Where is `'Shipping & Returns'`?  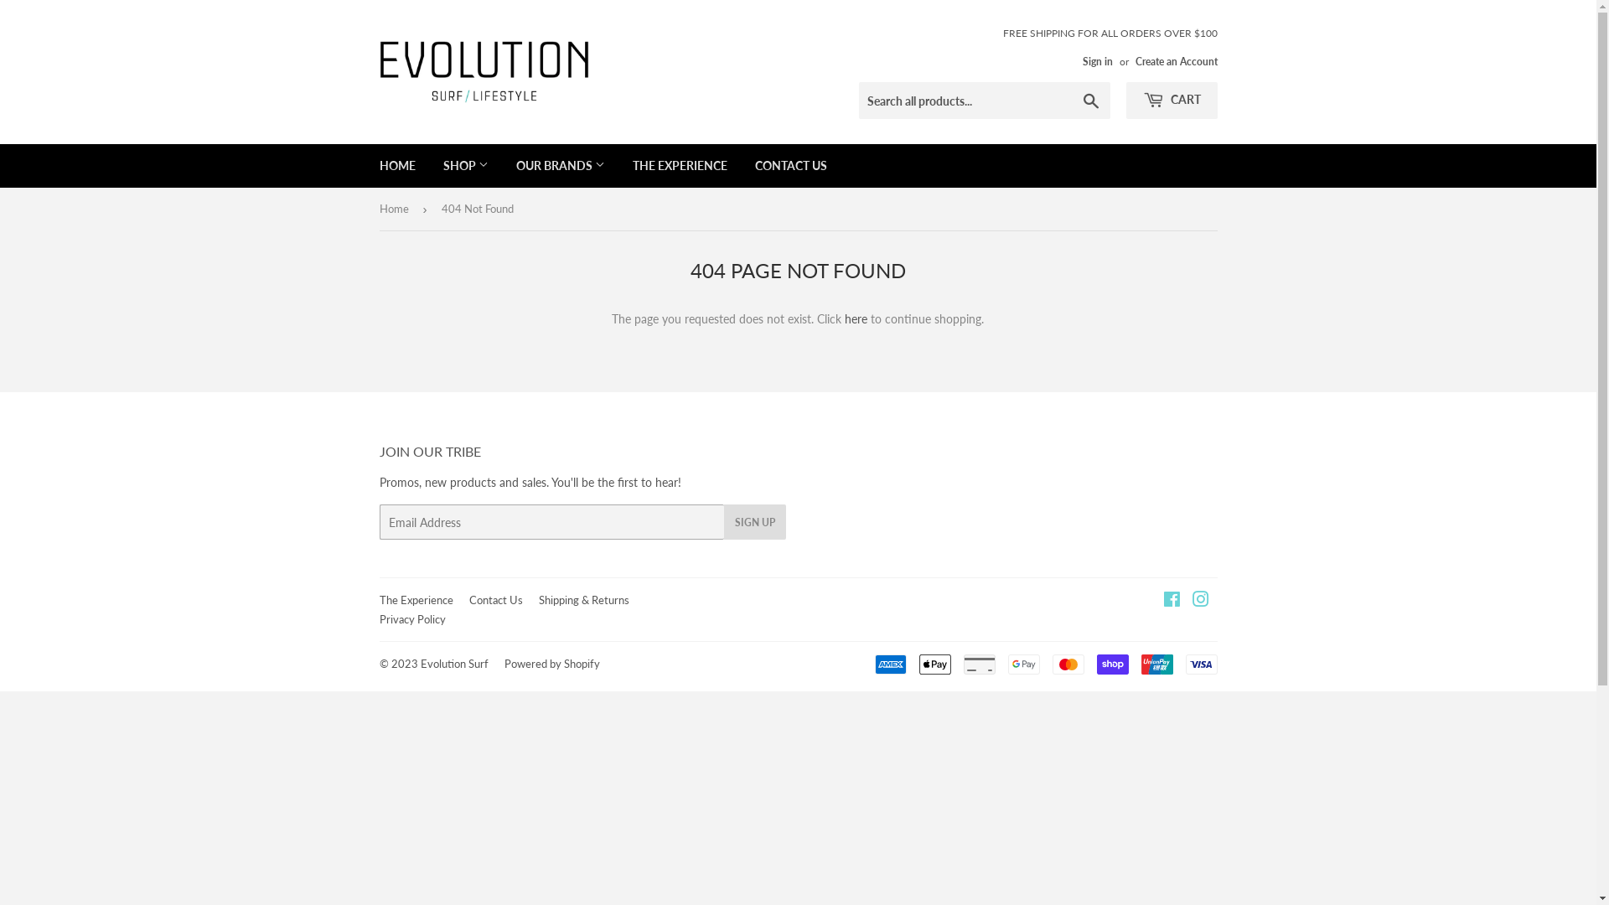 'Shipping & Returns' is located at coordinates (583, 599).